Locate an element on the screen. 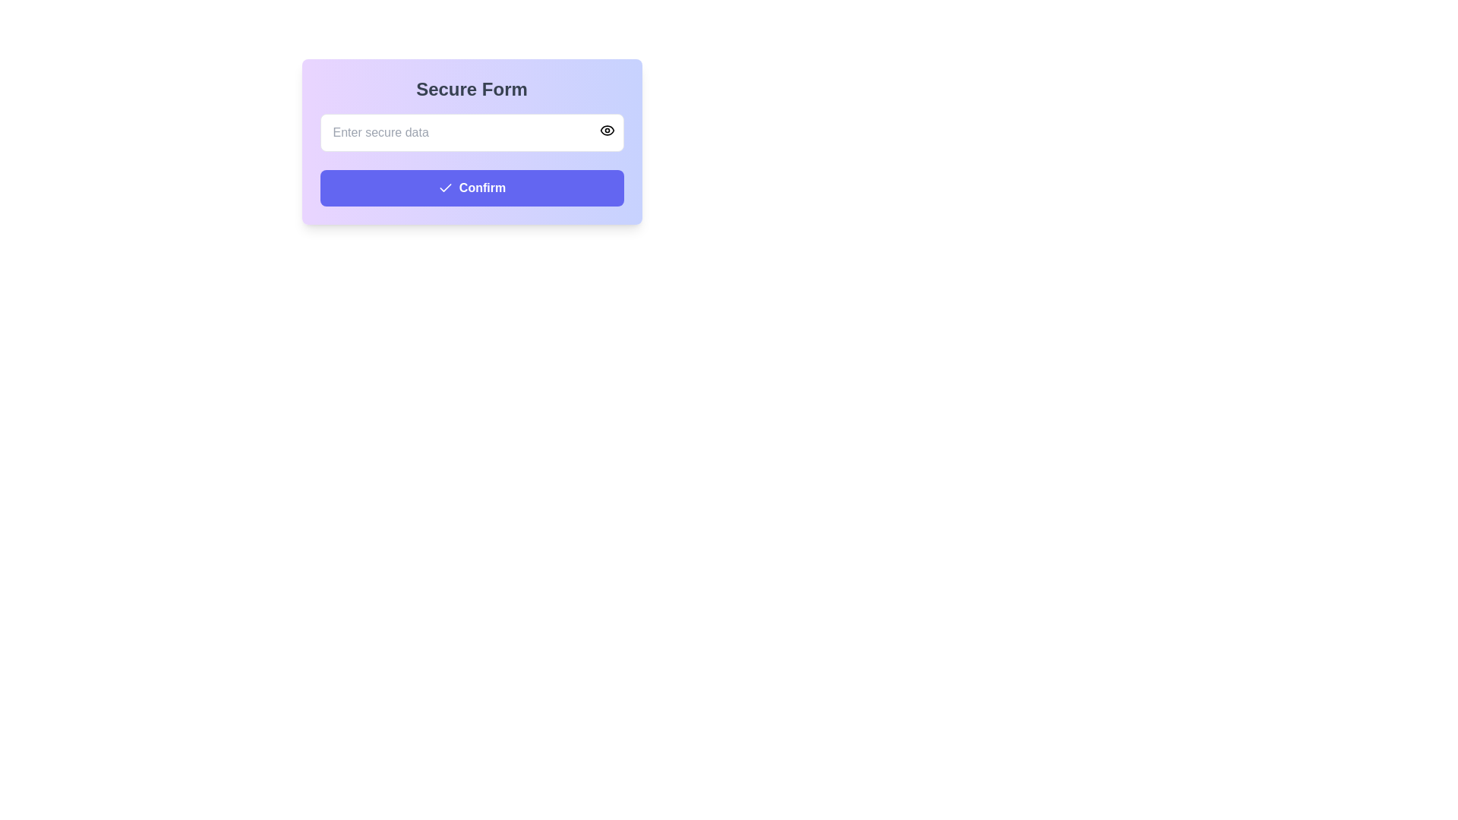 This screenshot has height=820, width=1458. the confirmation button located at the bottom of the form to confirm an action or submission is located at coordinates (471, 187).